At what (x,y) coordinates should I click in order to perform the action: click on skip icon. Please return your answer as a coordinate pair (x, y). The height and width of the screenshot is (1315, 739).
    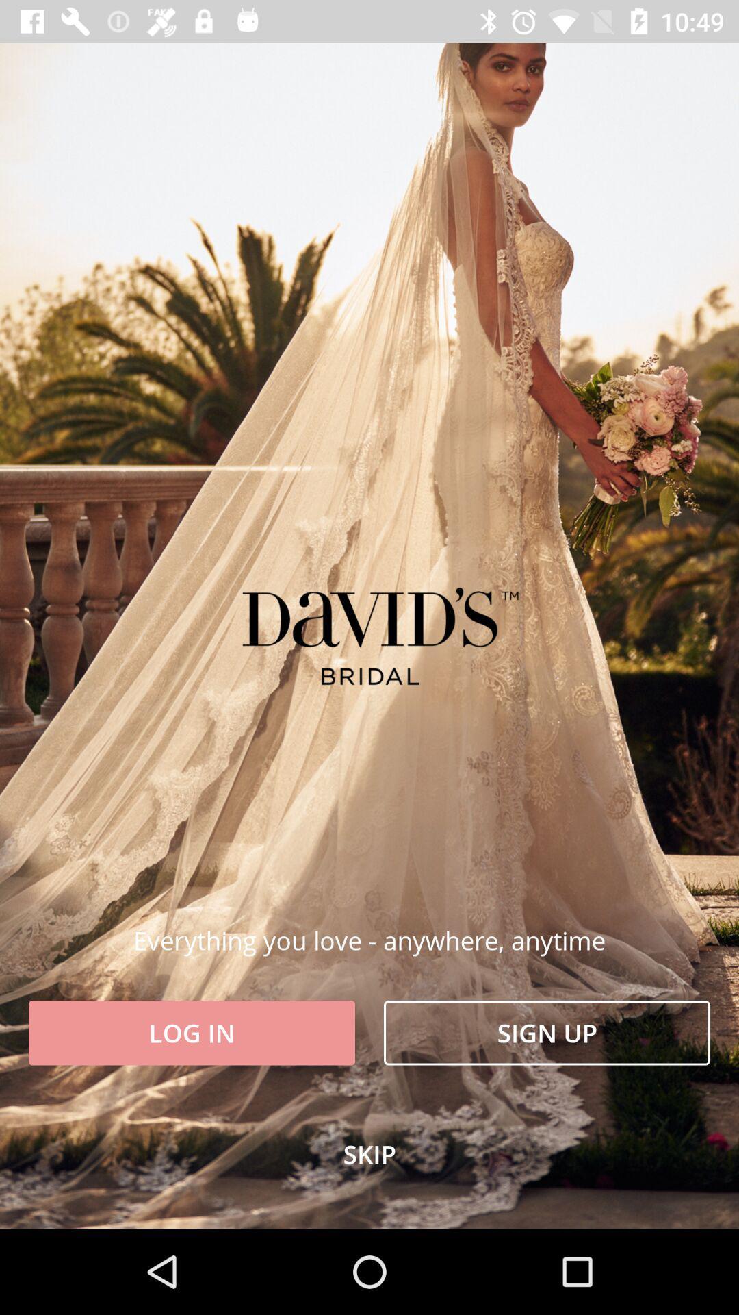
    Looking at the image, I should click on (369, 1153).